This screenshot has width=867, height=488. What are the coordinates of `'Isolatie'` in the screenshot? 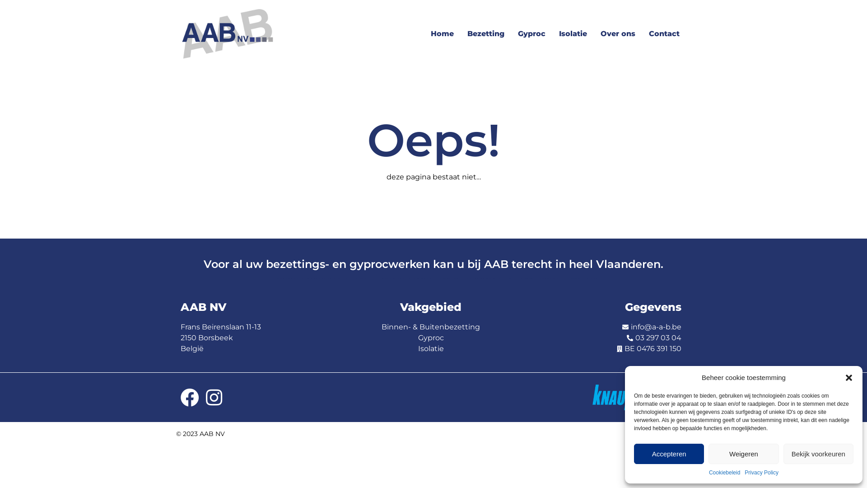 It's located at (430, 348).